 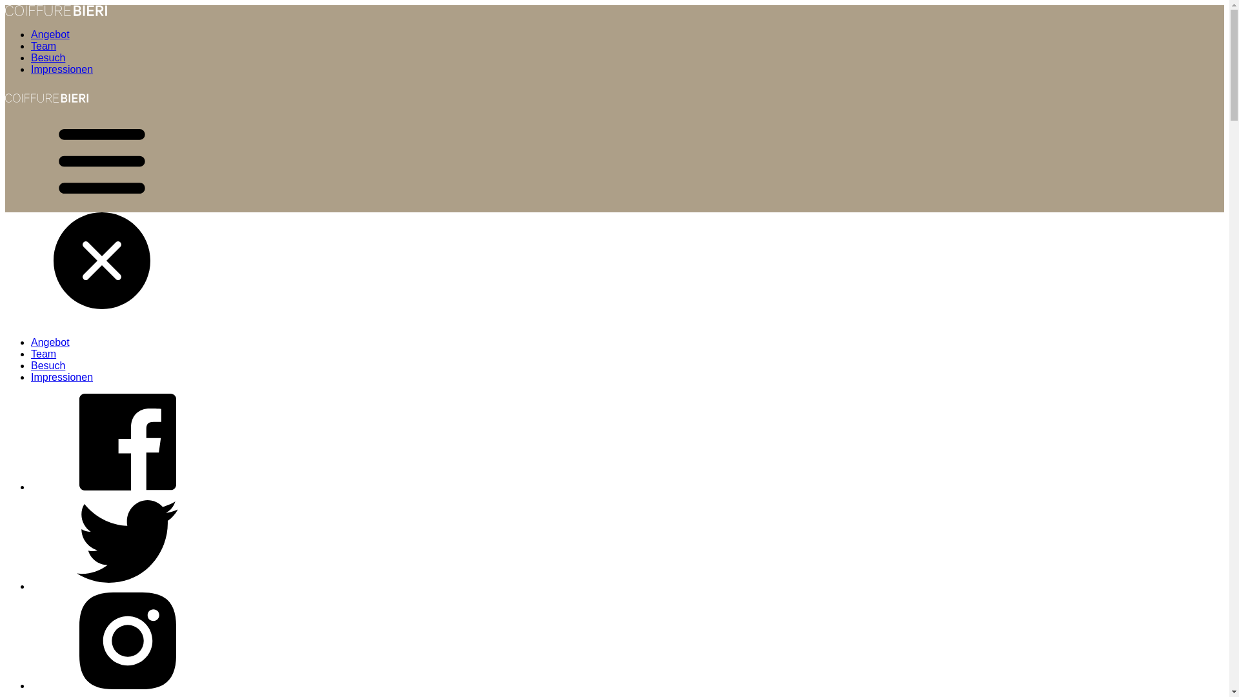 What do you see at coordinates (46, 106) in the screenshot?
I see `'Coiffure Bieri'` at bounding box center [46, 106].